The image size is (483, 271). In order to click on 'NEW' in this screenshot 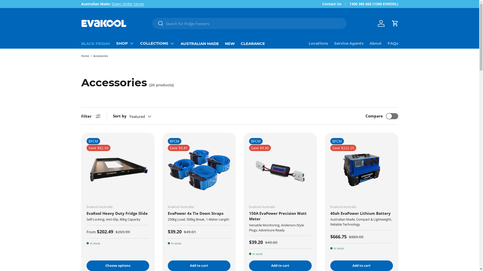, I will do `click(229, 43)`.